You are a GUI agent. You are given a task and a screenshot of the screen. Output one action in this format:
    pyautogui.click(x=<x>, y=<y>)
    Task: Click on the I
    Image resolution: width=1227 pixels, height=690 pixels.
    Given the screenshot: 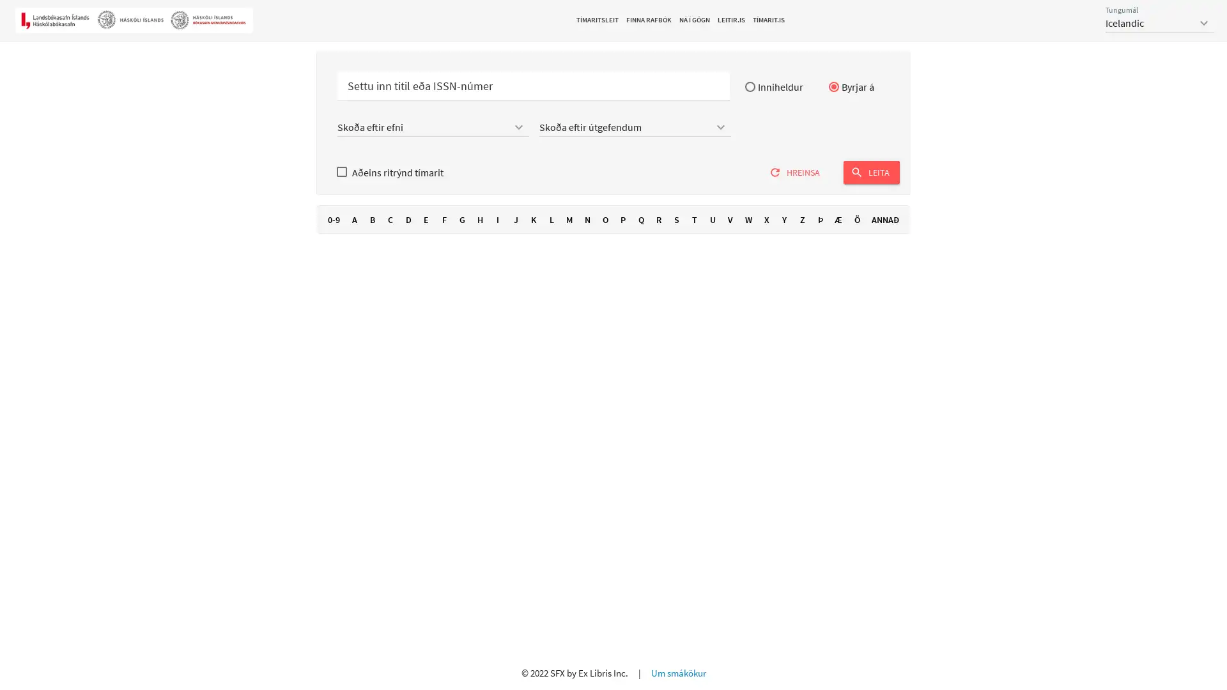 What is the action you would take?
    pyautogui.click(x=497, y=218)
    